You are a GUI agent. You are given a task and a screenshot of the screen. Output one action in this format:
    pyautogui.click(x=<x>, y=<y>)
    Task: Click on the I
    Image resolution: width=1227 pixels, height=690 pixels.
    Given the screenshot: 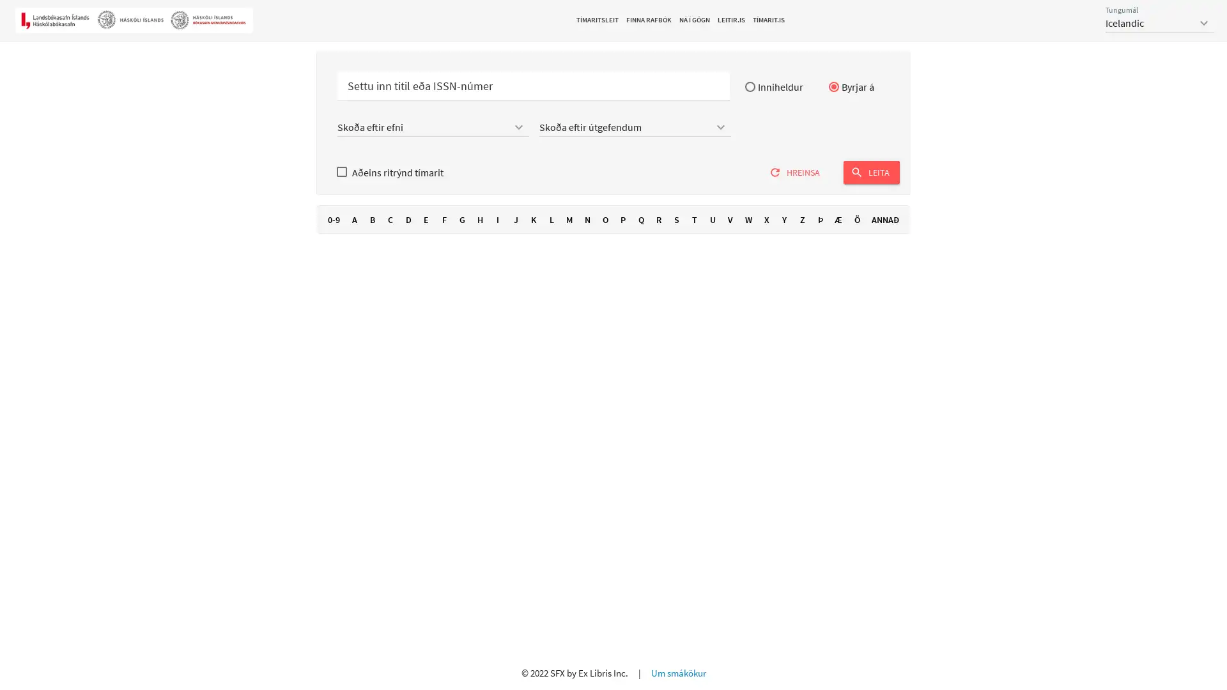 What is the action you would take?
    pyautogui.click(x=497, y=218)
    